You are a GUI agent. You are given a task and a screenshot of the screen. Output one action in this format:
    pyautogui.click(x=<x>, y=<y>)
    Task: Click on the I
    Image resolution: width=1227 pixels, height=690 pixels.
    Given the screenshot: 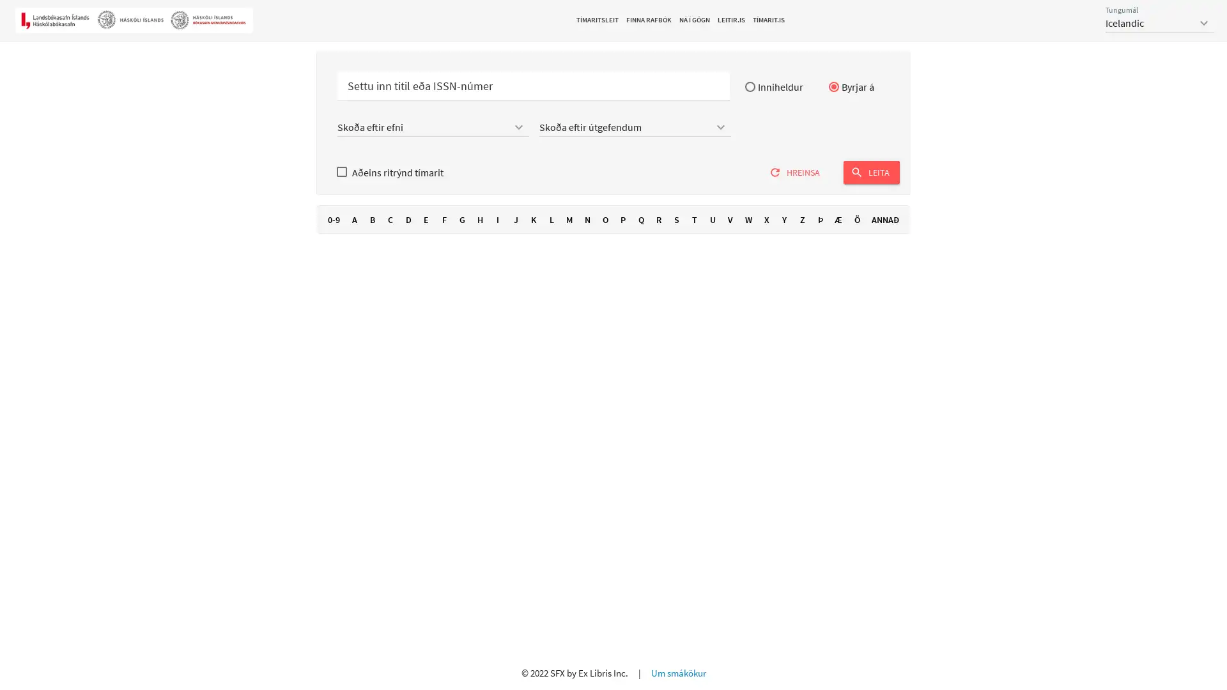 What is the action you would take?
    pyautogui.click(x=497, y=218)
    